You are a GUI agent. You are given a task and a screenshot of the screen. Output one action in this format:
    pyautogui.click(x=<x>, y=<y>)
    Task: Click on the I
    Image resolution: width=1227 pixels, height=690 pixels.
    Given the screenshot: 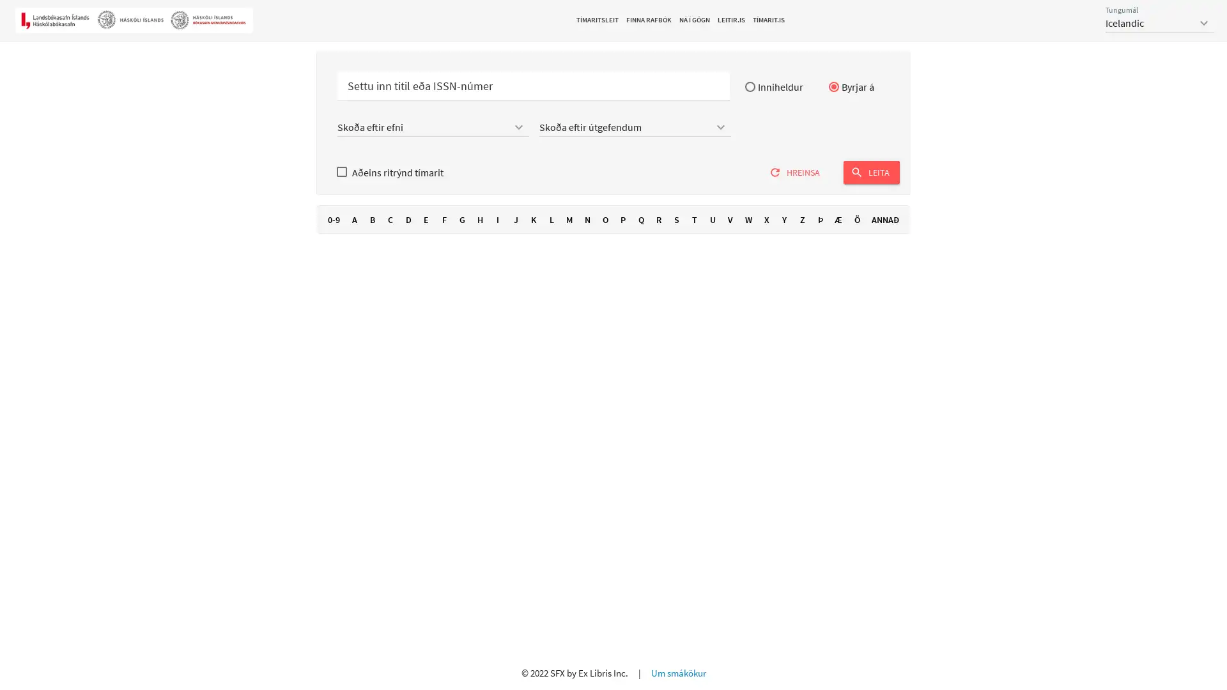 What is the action you would take?
    pyautogui.click(x=497, y=218)
    